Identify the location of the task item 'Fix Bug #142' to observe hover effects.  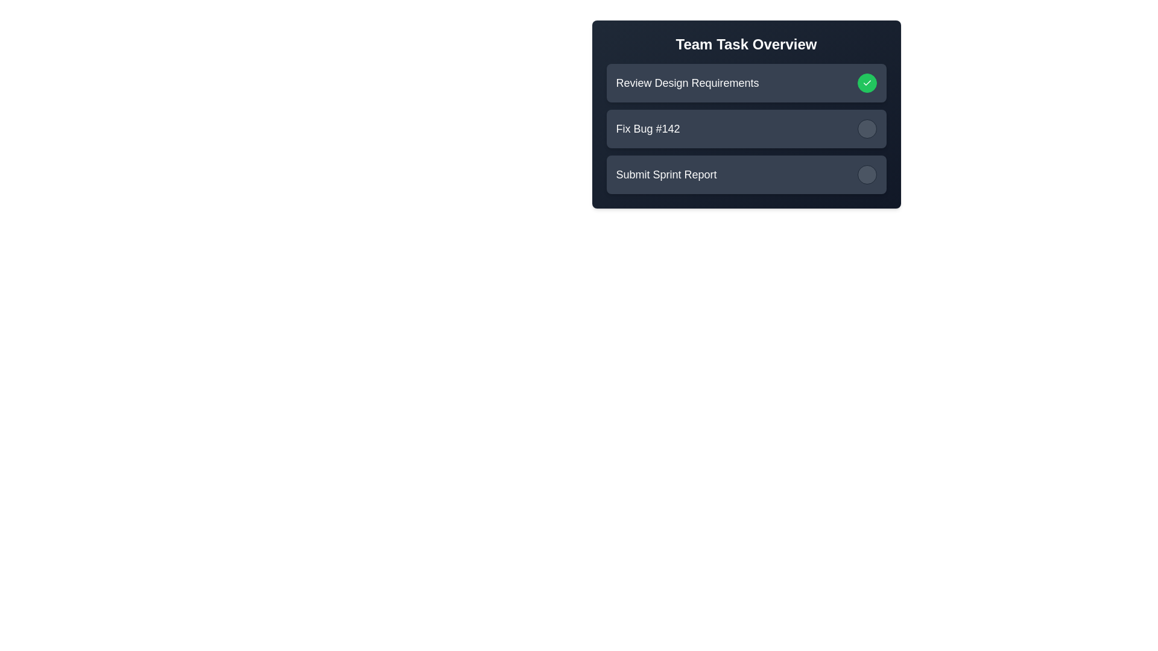
(745, 128).